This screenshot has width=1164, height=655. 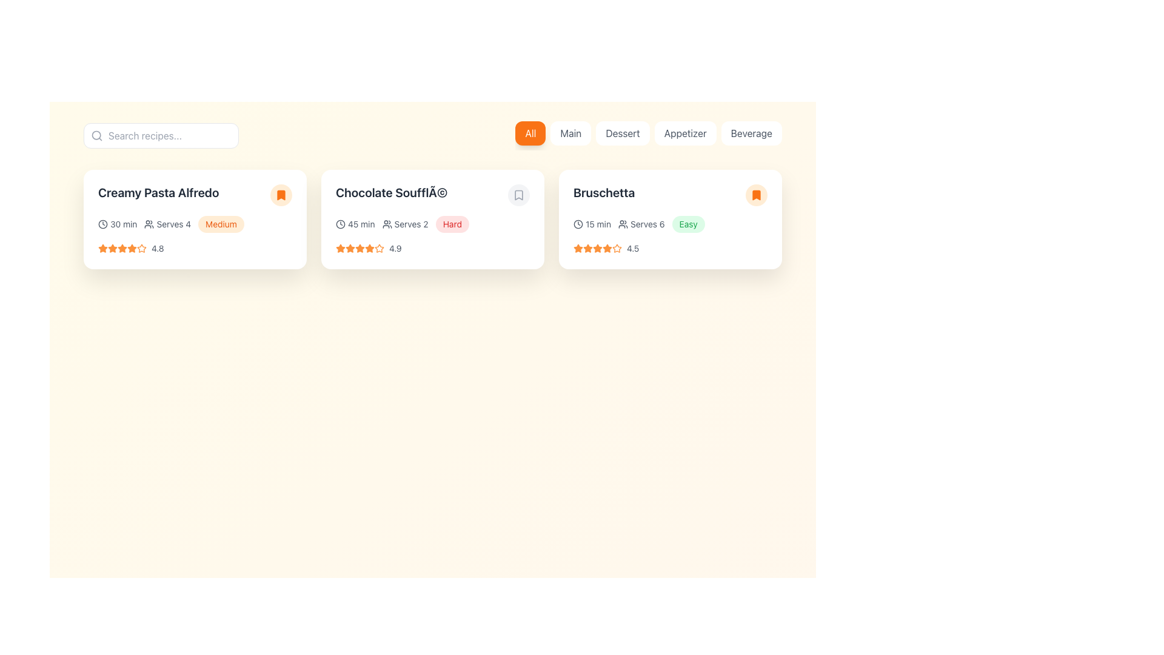 What do you see at coordinates (607, 247) in the screenshot?
I see `the third star-shaped rating icon in the vibrant orange fill to rate the 'Bruschetta' recipe` at bounding box center [607, 247].